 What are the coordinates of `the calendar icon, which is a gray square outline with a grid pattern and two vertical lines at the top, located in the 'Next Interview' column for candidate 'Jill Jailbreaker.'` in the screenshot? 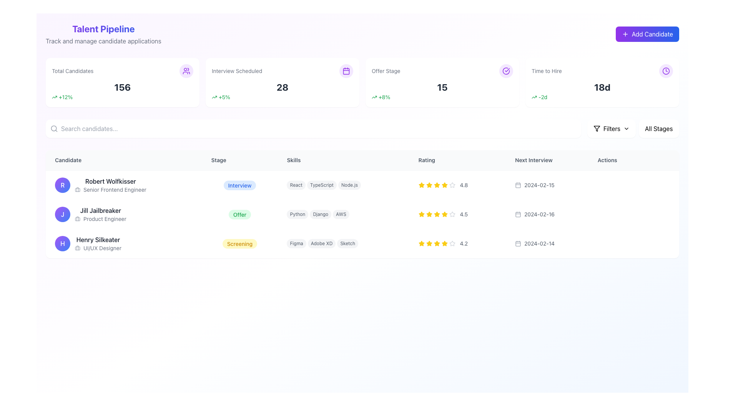 It's located at (518, 214).